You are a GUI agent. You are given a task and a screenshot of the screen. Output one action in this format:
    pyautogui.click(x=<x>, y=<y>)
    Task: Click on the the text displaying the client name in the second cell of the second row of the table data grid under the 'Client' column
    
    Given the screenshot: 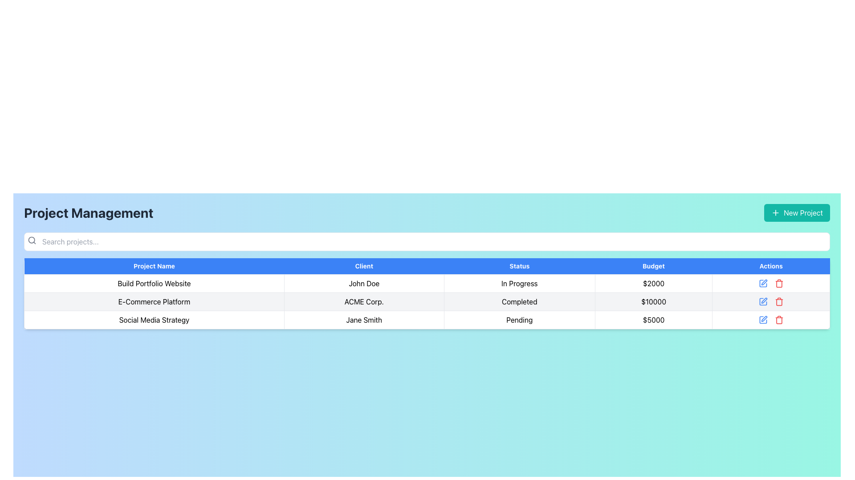 What is the action you would take?
    pyautogui.click(x=364, y=301)
    